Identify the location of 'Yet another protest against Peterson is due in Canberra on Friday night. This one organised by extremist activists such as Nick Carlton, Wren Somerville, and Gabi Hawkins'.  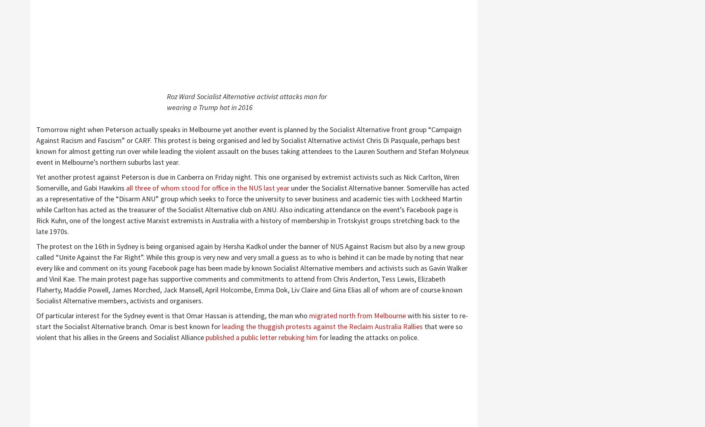
(247, 182).